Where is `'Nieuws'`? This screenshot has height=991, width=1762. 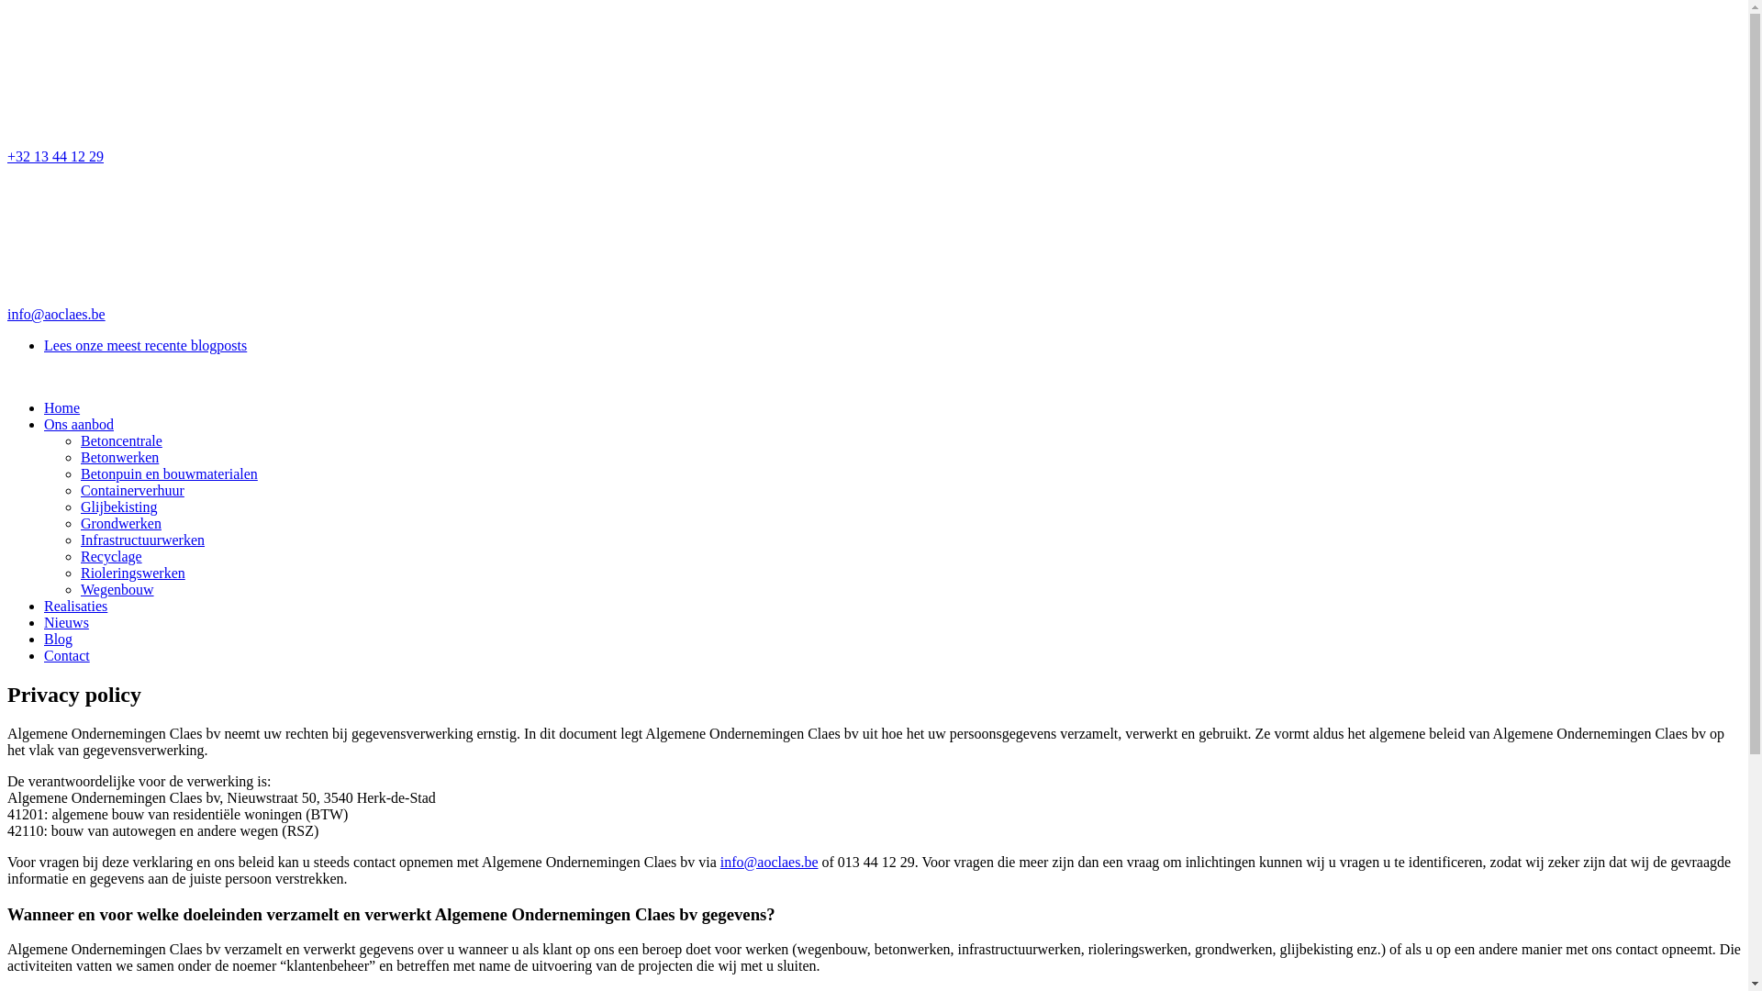
'Nieuws' is located at coordinates (66, 621).